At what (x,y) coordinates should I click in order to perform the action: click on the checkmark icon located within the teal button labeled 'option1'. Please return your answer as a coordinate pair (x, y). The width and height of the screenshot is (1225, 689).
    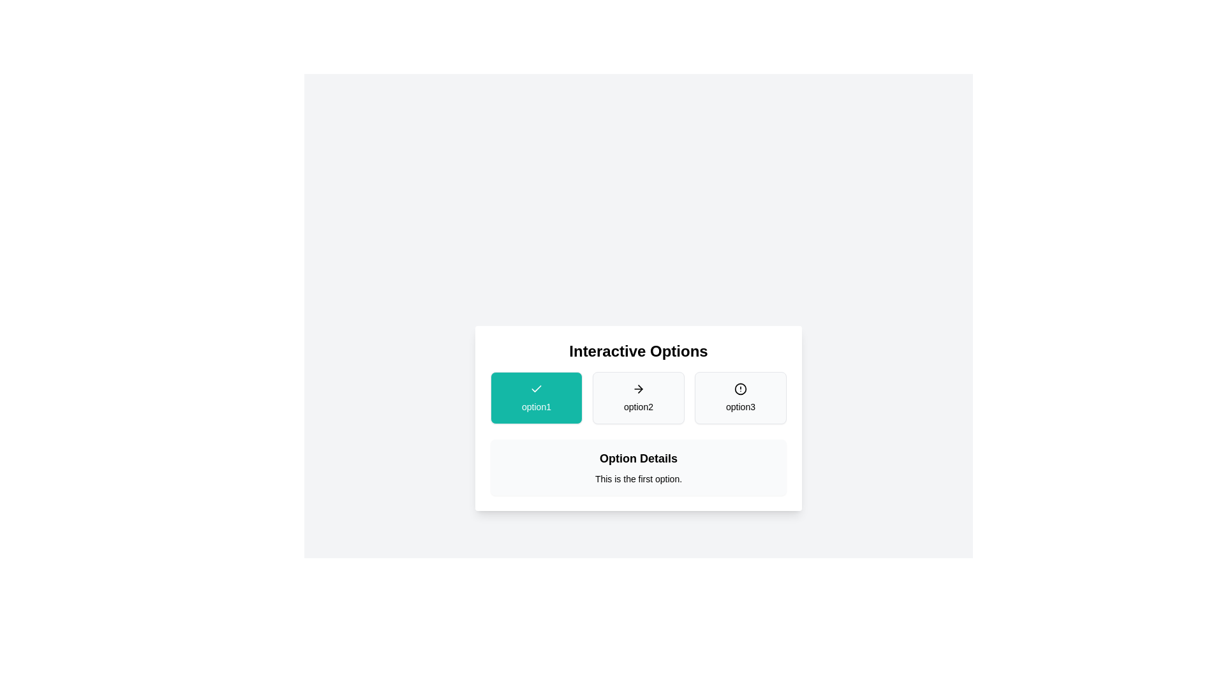
    Looking at the image, I should click on (536, 388).